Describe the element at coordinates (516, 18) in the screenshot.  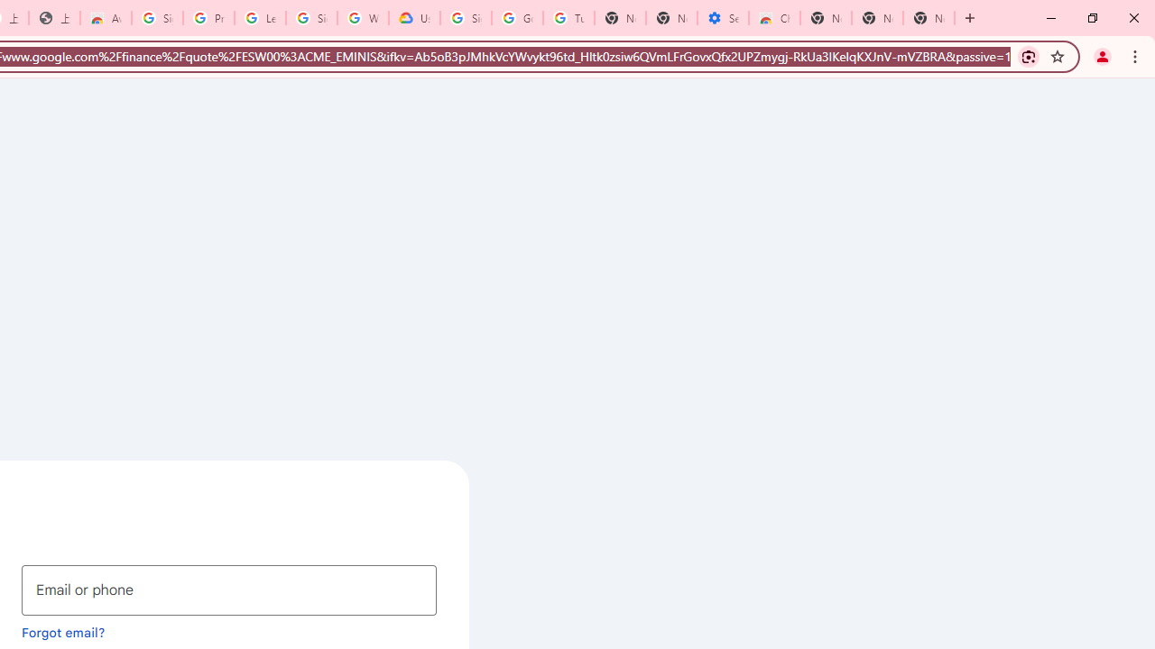
I see `'Google Account Help'` at that location.